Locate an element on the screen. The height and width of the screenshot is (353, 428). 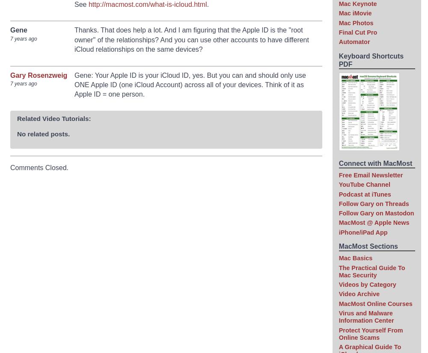
'Connect with MacMost' is located at coordinates (375, 163).